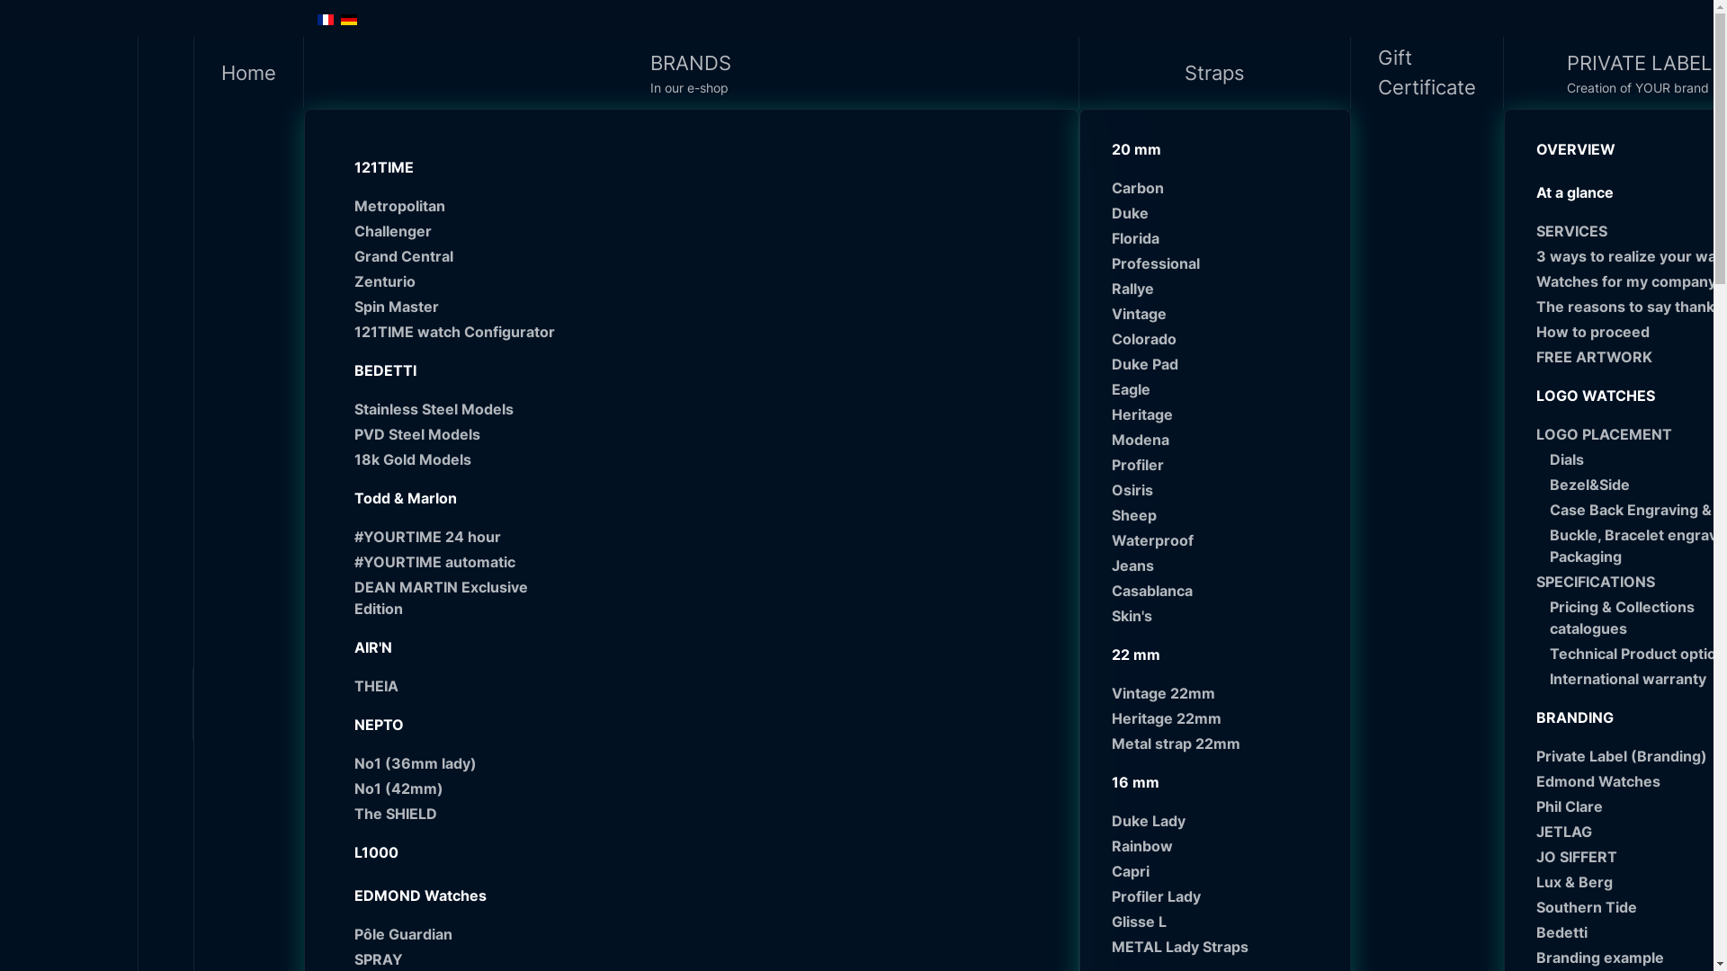  Describe the element at coordinates (448, 370) in the screenshot. I see `'BEDETTI'` at that location.